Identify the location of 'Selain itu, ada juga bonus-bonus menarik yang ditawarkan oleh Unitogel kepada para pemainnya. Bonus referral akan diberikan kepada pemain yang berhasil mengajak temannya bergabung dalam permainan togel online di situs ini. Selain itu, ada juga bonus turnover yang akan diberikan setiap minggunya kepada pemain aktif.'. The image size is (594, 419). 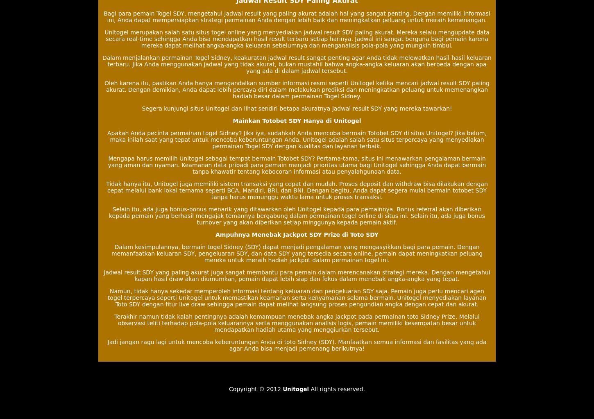
(296, 215).